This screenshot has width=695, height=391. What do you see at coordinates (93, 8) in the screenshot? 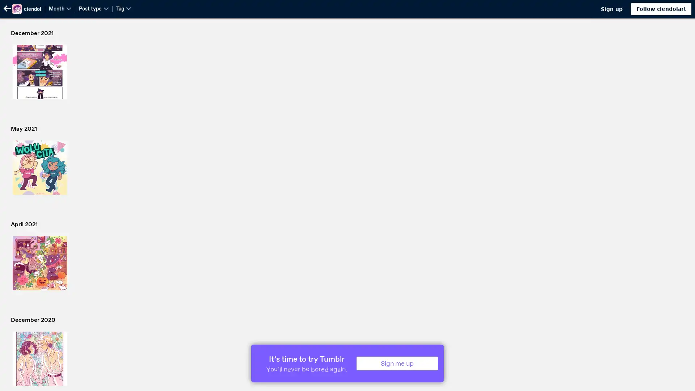
I see `Post type` at bounding box center [93, 8].